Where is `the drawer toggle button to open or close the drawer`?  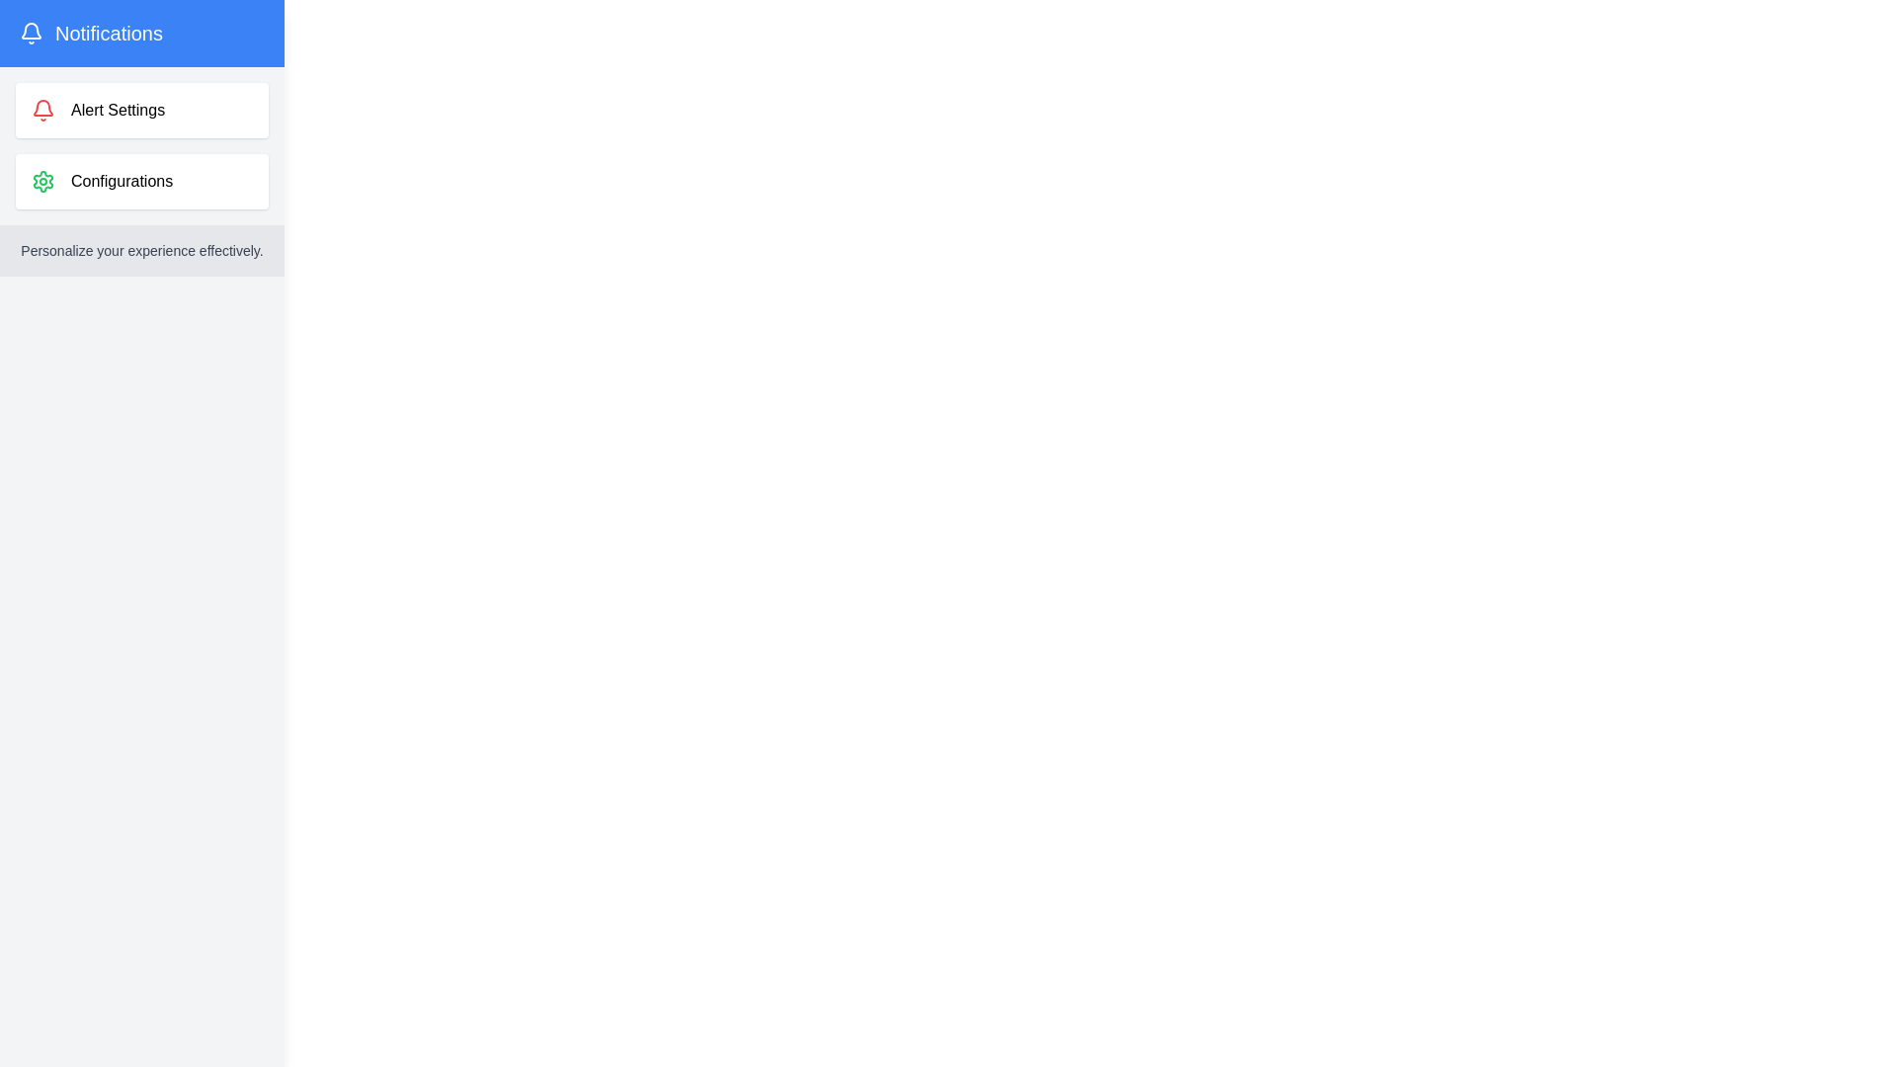
the drawer toggle button to open or close the drawer is located at coordinates (53, 48).